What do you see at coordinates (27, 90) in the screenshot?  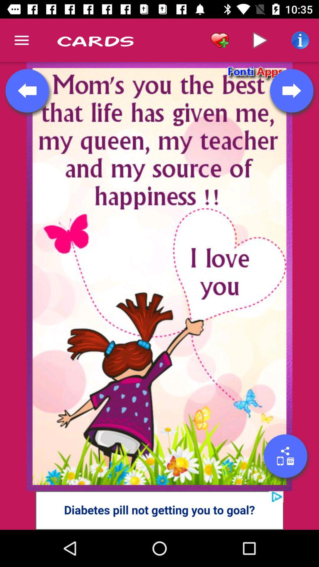 I see `the arrow_backward icon` at bounding box center [27, 90].